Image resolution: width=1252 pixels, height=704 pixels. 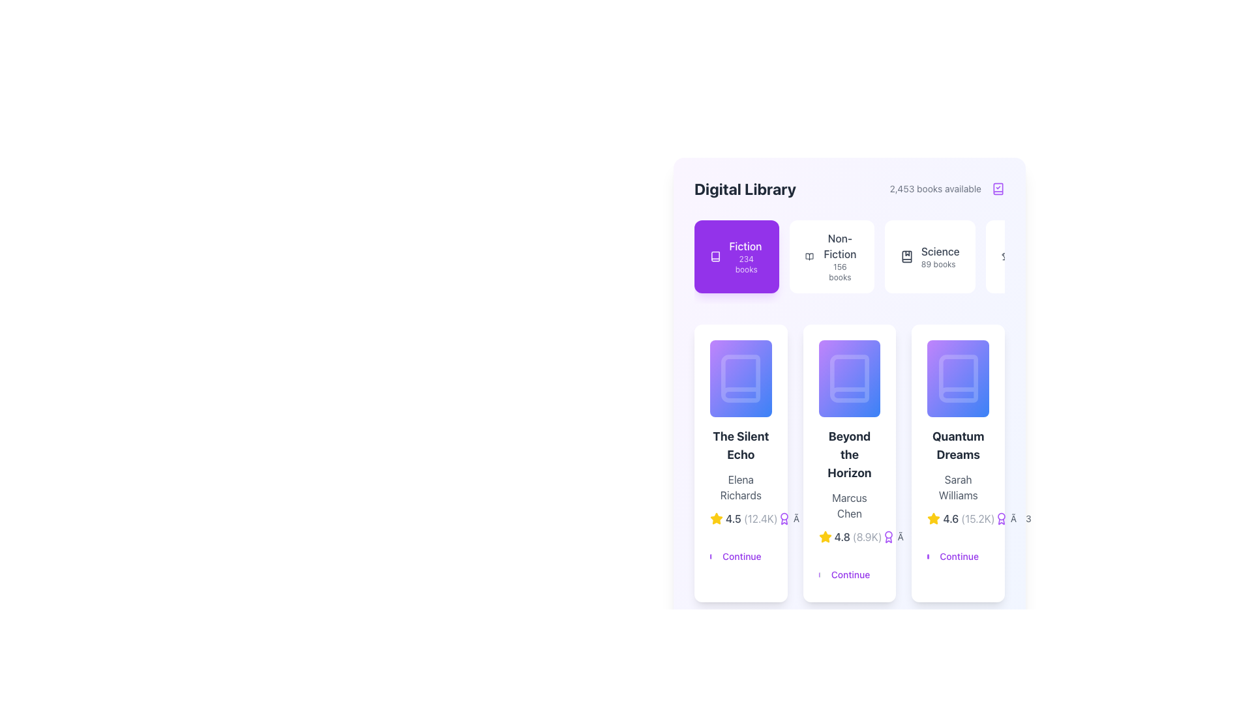 What do you see at coordinates (933, 518) in the screenshot?
I see `the star icon that represents a feedback or rating system, which is the first element in a horizontal arrangement alongside the rating value and number of reviews` at bounding box center [933, 518].